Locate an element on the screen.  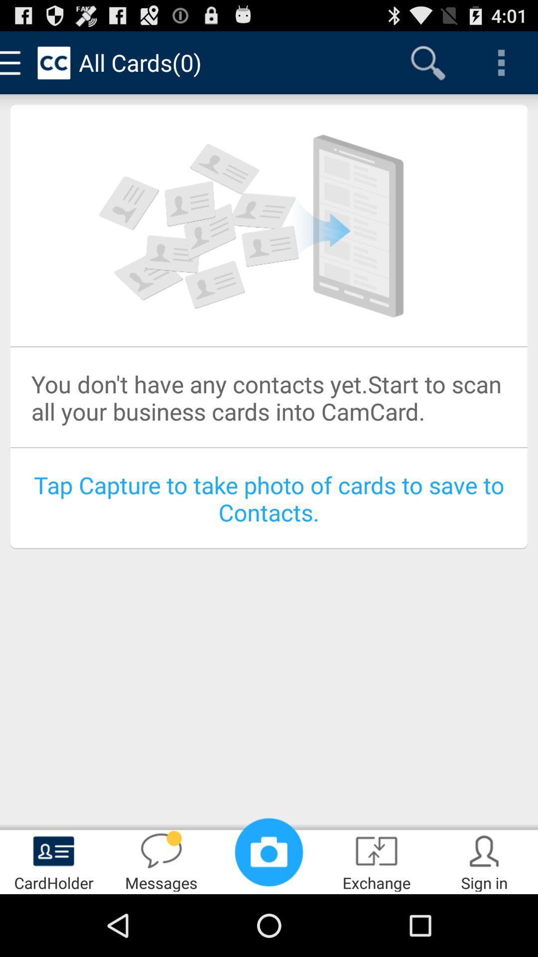
icon next to all cards(0) is located at coordinates (427, 62).